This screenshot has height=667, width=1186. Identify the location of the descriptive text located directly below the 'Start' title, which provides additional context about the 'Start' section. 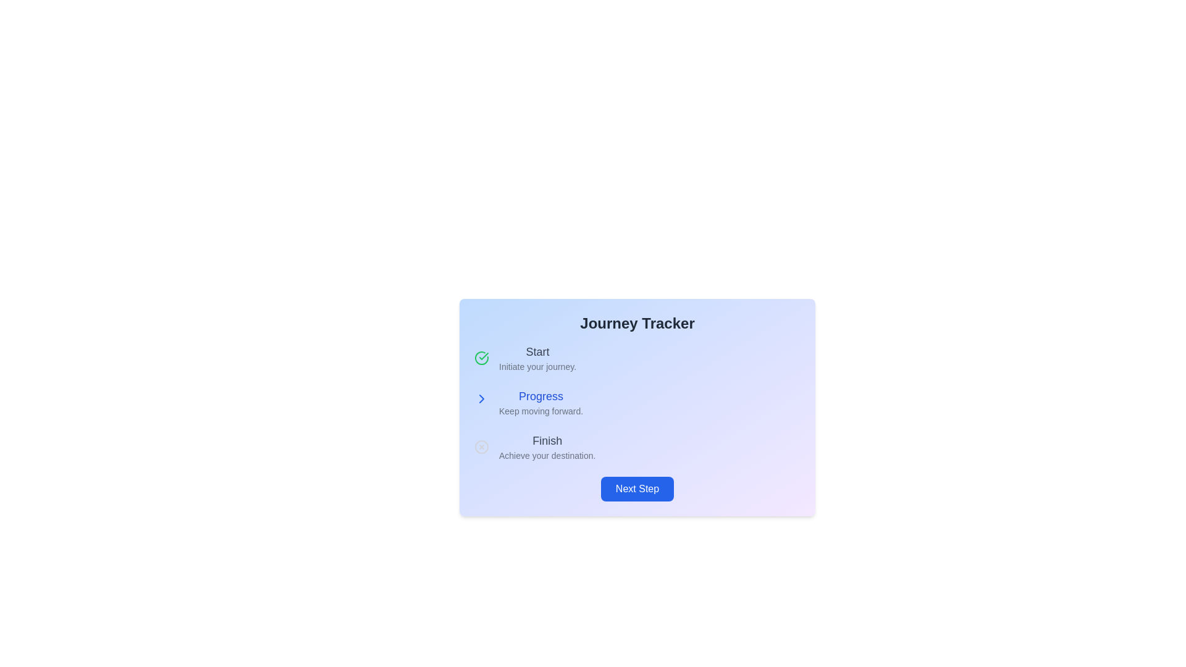
(537, 366).